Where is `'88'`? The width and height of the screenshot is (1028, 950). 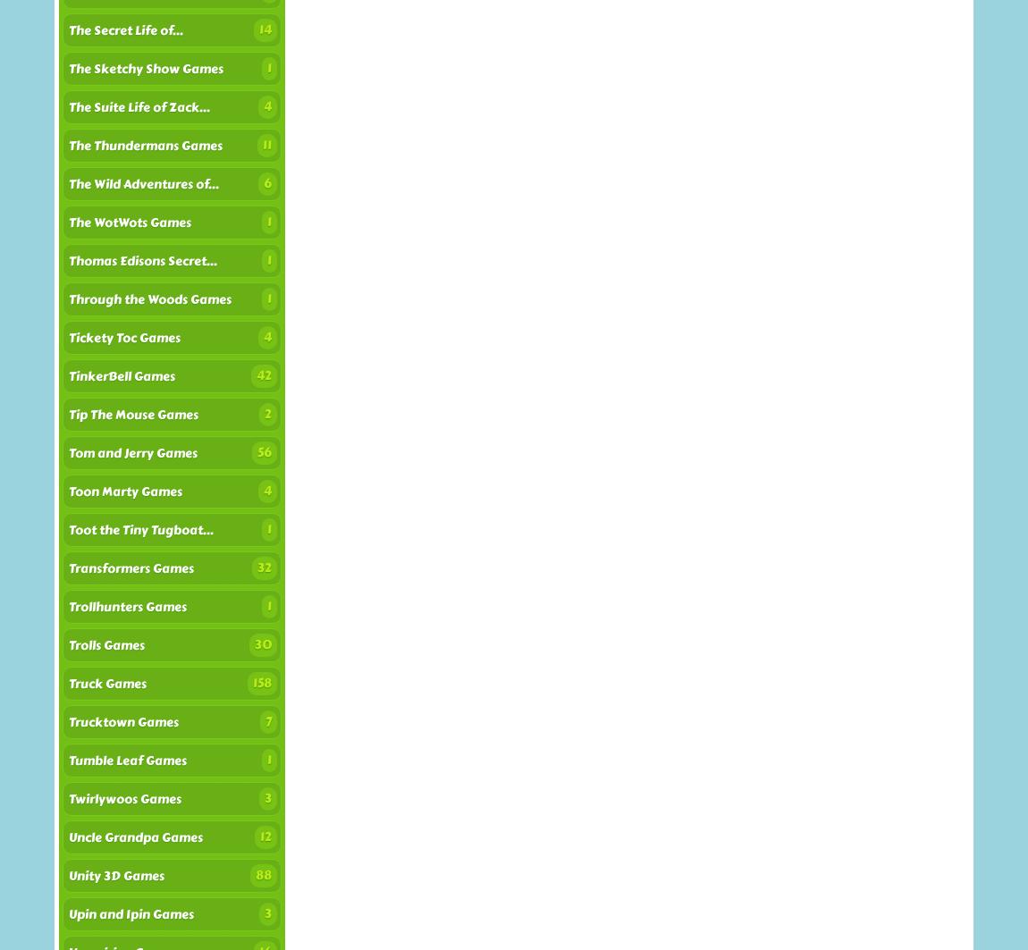 '88' is located at coordinates (263, 874).